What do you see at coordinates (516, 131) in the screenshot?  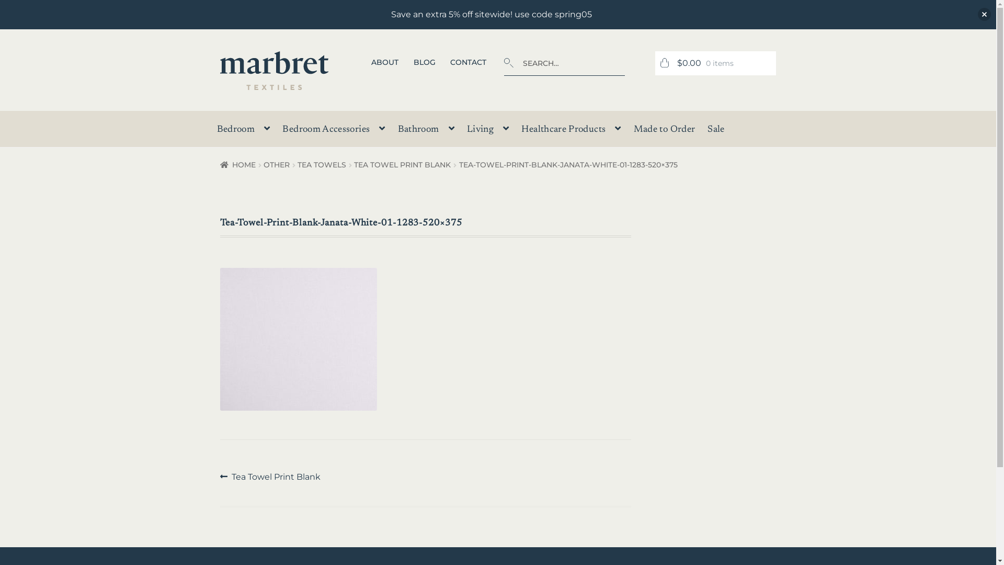 I see `'Healthcare Products'` at bounding box center [516, 131].